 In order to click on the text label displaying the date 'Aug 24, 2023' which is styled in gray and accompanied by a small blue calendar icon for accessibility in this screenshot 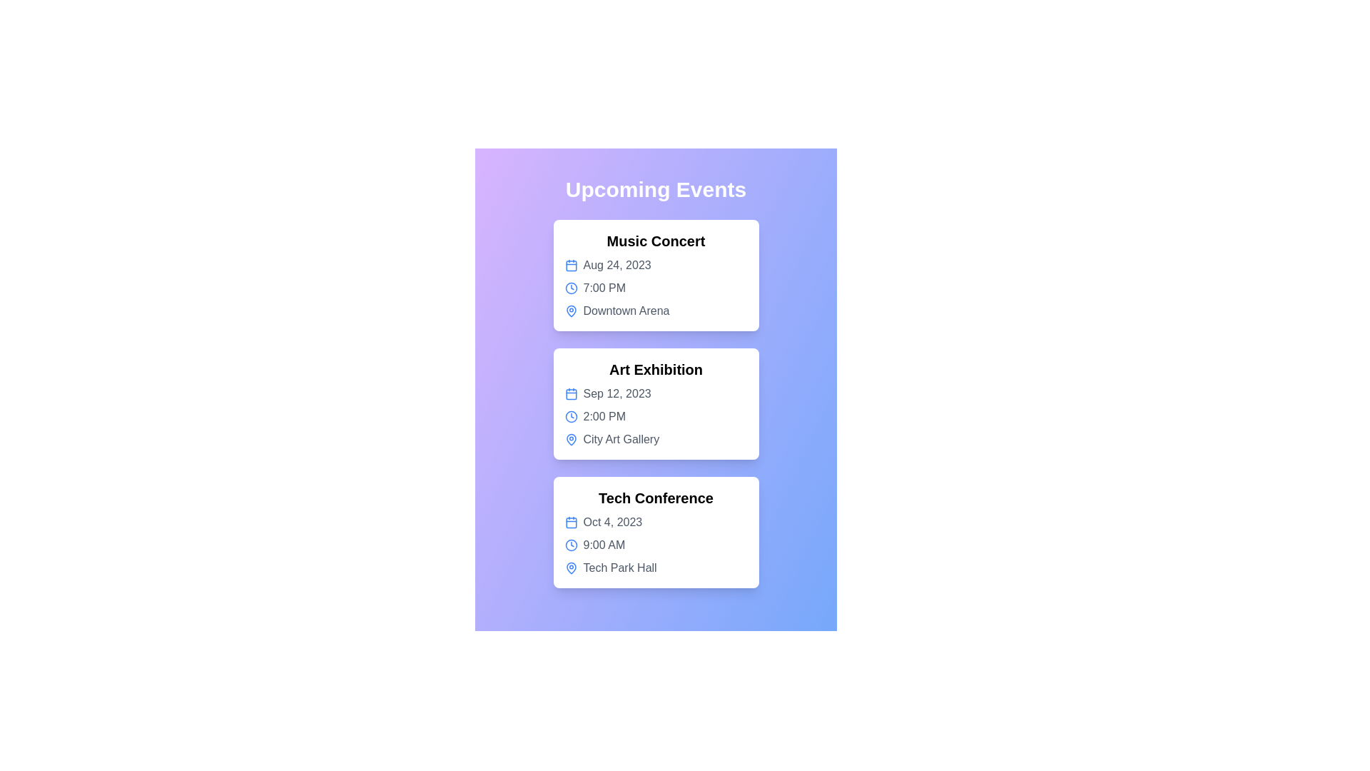, I will do `click(655, 265)`.